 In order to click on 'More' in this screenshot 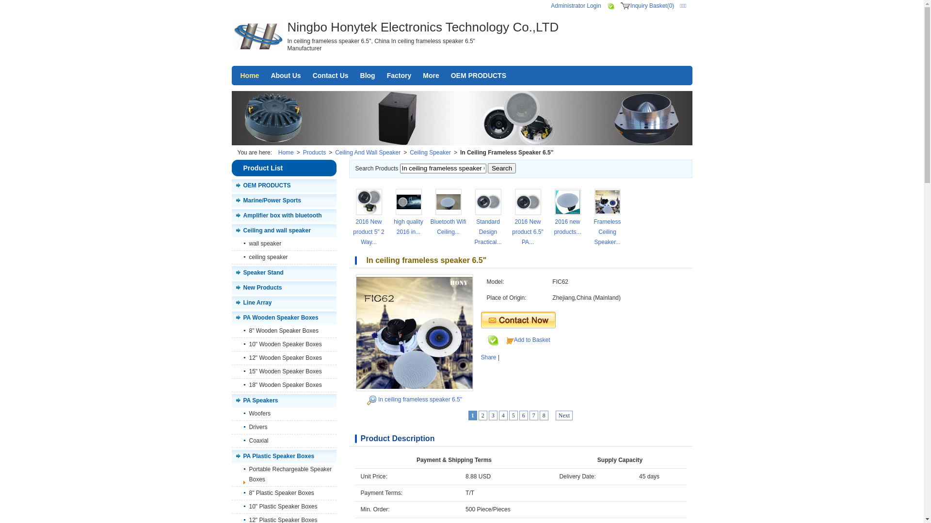, I will do `click(417, 75)`.